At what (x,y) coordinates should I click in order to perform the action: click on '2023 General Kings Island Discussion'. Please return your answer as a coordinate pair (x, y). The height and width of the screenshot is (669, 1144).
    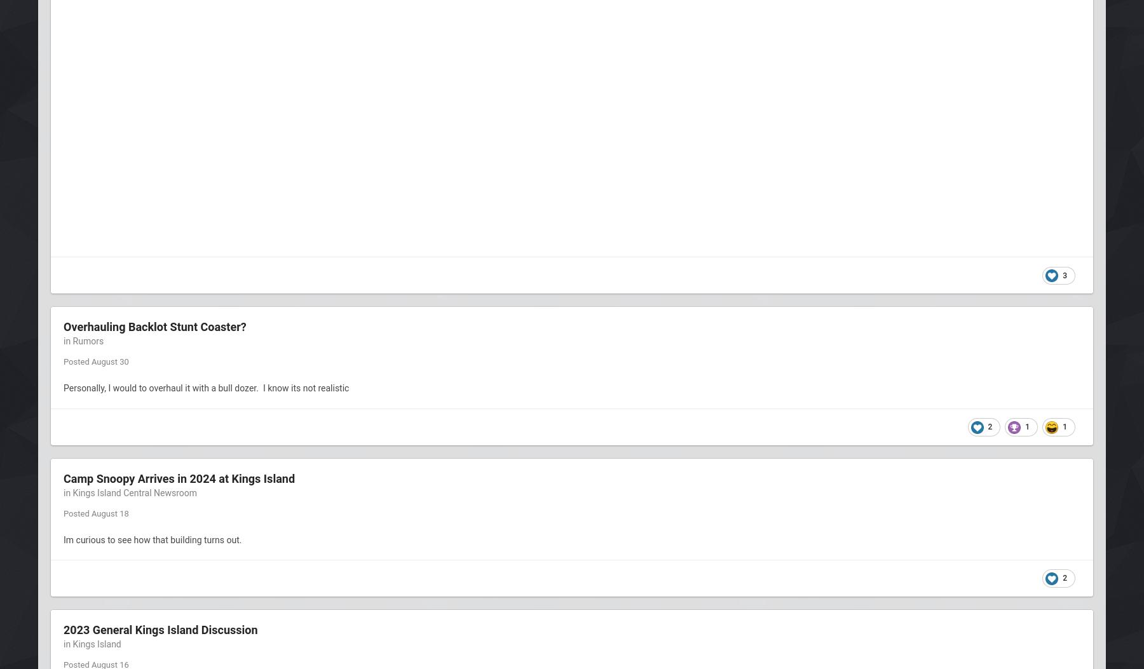
    Looking at the image, I should click on (160, 630).